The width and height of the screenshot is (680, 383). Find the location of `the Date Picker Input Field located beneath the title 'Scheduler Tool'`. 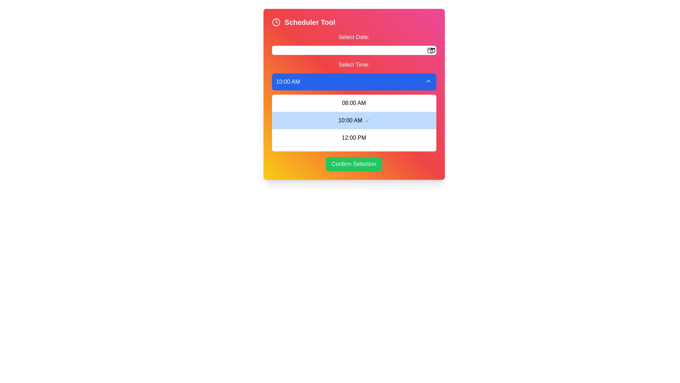

the Date Picker Input Field located beneath the title 'Scheduler Tool' is located at coordinates (354, 44).